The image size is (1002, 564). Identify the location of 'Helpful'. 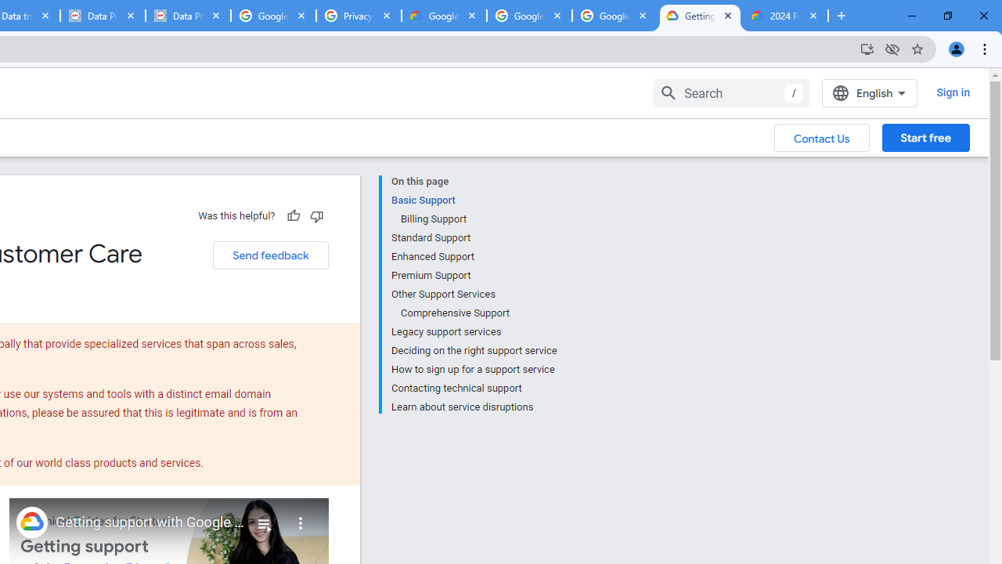
(293, 215).